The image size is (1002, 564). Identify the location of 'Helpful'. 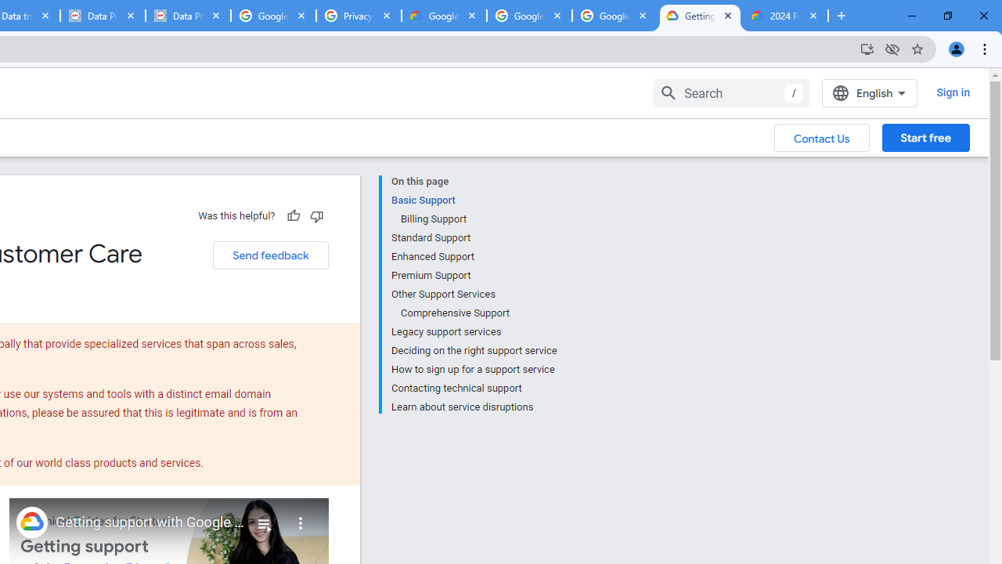
(293, 215).